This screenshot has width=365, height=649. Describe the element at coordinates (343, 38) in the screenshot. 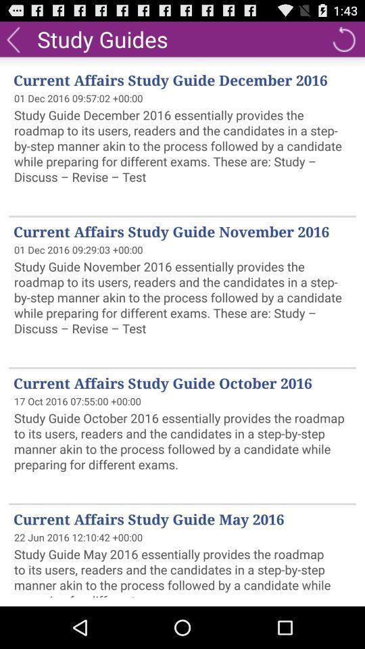

I see `the item next to study guides item` at that location.